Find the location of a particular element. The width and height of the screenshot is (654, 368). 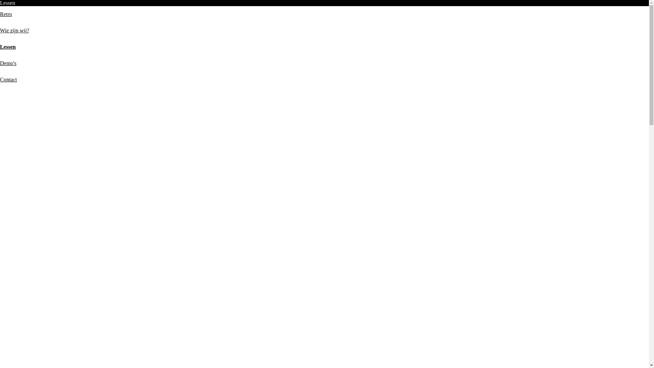

'Wie zijn wij?' is located at coordinates (15, 30).